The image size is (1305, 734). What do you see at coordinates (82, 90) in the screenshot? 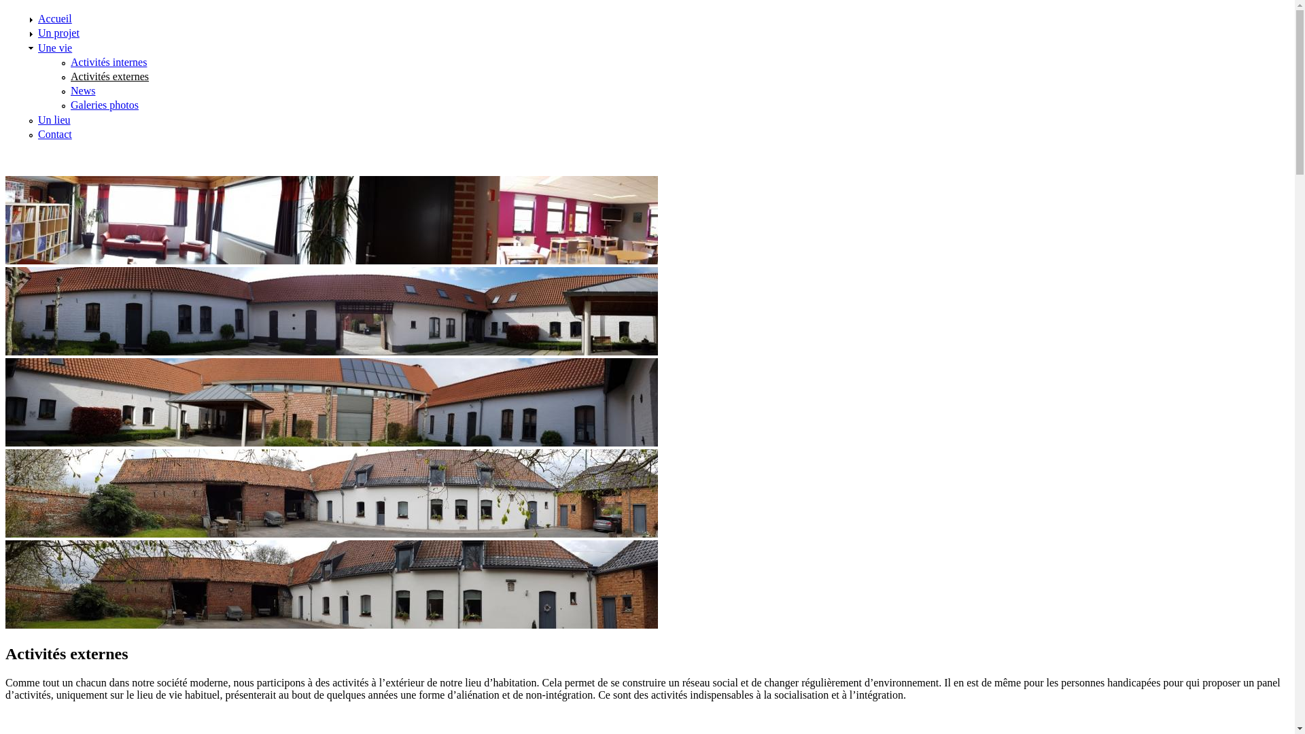
I see `'News'` at bounding box center [82, 90].